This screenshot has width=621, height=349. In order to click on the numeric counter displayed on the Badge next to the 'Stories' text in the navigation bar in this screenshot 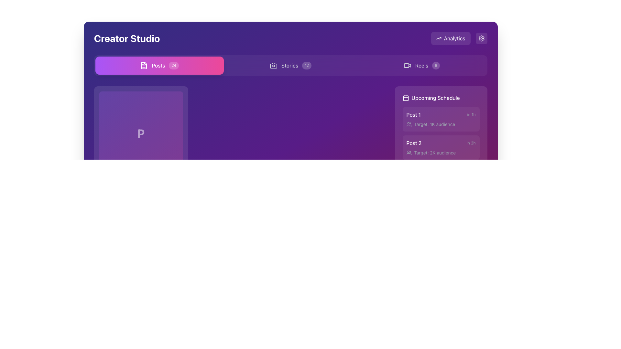, I will do `click(306, 66)`.